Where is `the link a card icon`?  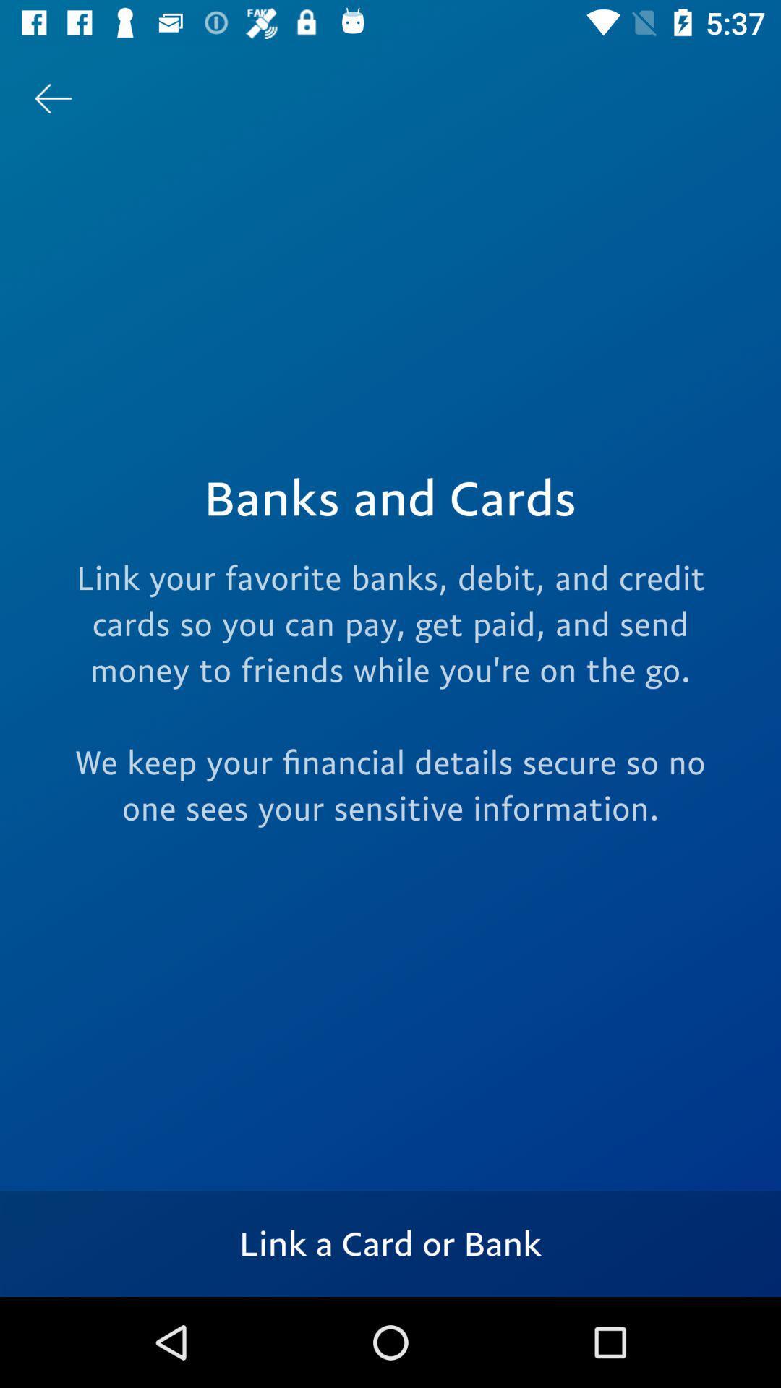 the link a card icon is located at coordinates (390, 1243).